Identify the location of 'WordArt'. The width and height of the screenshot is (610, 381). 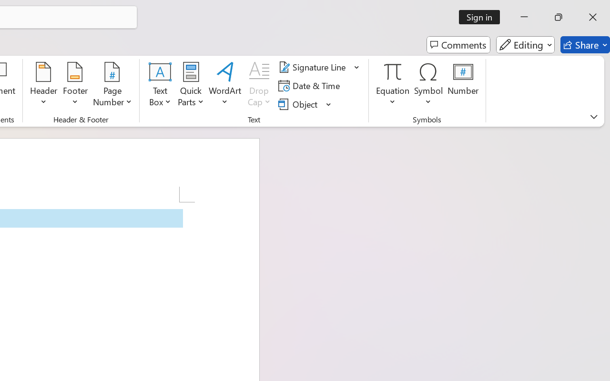
(224, 85).